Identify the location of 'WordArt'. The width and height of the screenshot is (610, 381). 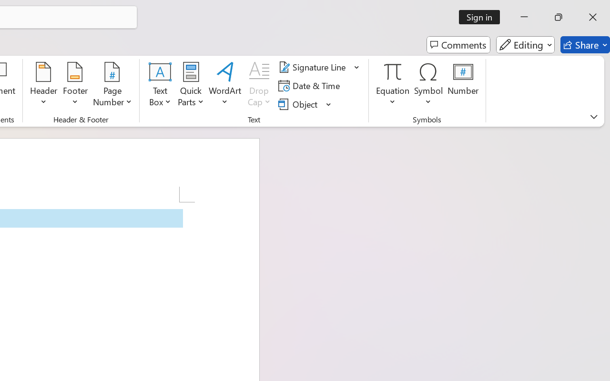
(224, 85).